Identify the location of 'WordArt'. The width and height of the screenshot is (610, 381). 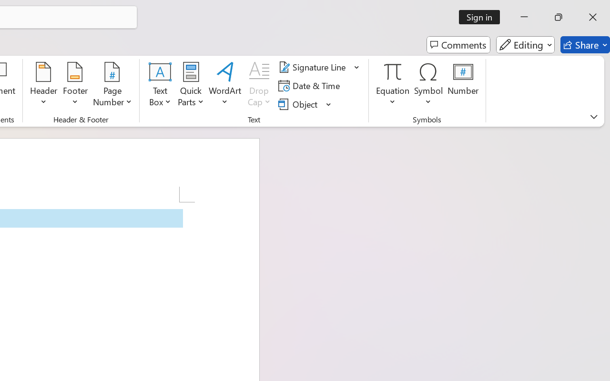
(224, 85).